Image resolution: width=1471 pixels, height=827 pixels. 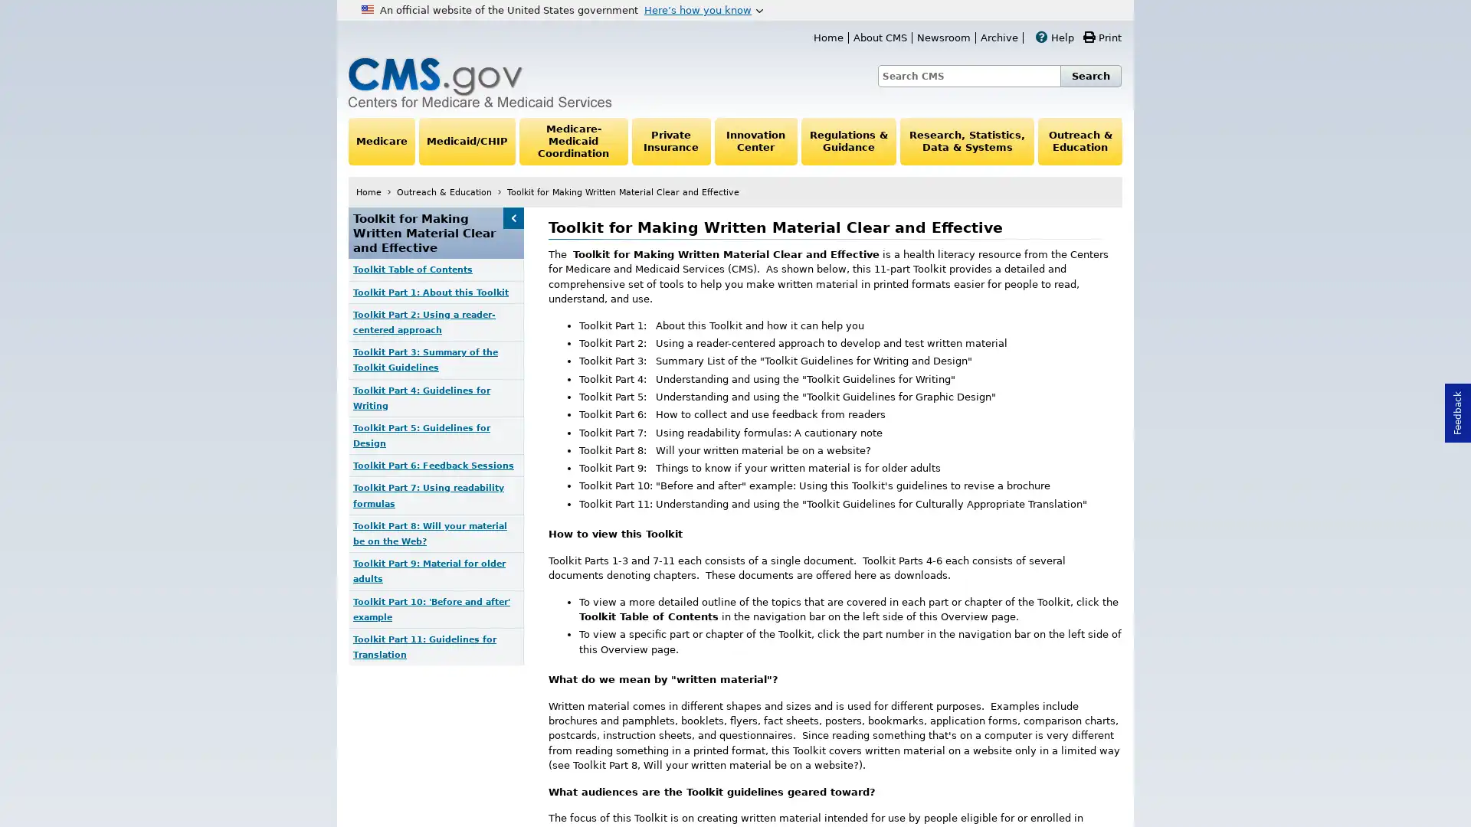 What do you see at coordinates (513, 218) in the screenshot?
I see `Toolkit for Making Written Material Clear and Effective` at bounding box center [513, 218].